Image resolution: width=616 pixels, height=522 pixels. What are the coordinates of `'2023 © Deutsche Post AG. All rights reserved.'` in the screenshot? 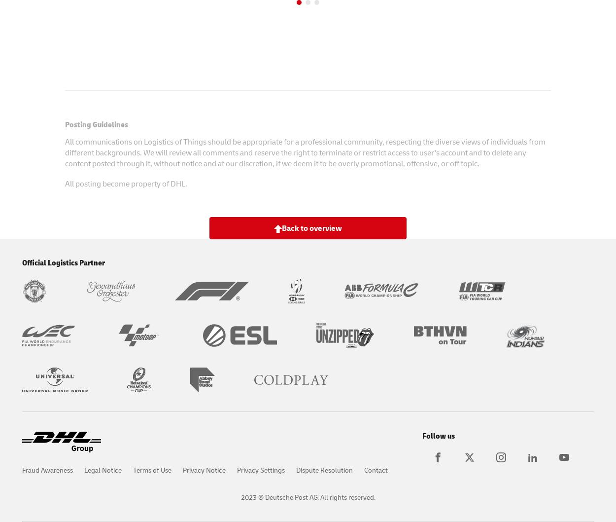 It's located at (307, 496).